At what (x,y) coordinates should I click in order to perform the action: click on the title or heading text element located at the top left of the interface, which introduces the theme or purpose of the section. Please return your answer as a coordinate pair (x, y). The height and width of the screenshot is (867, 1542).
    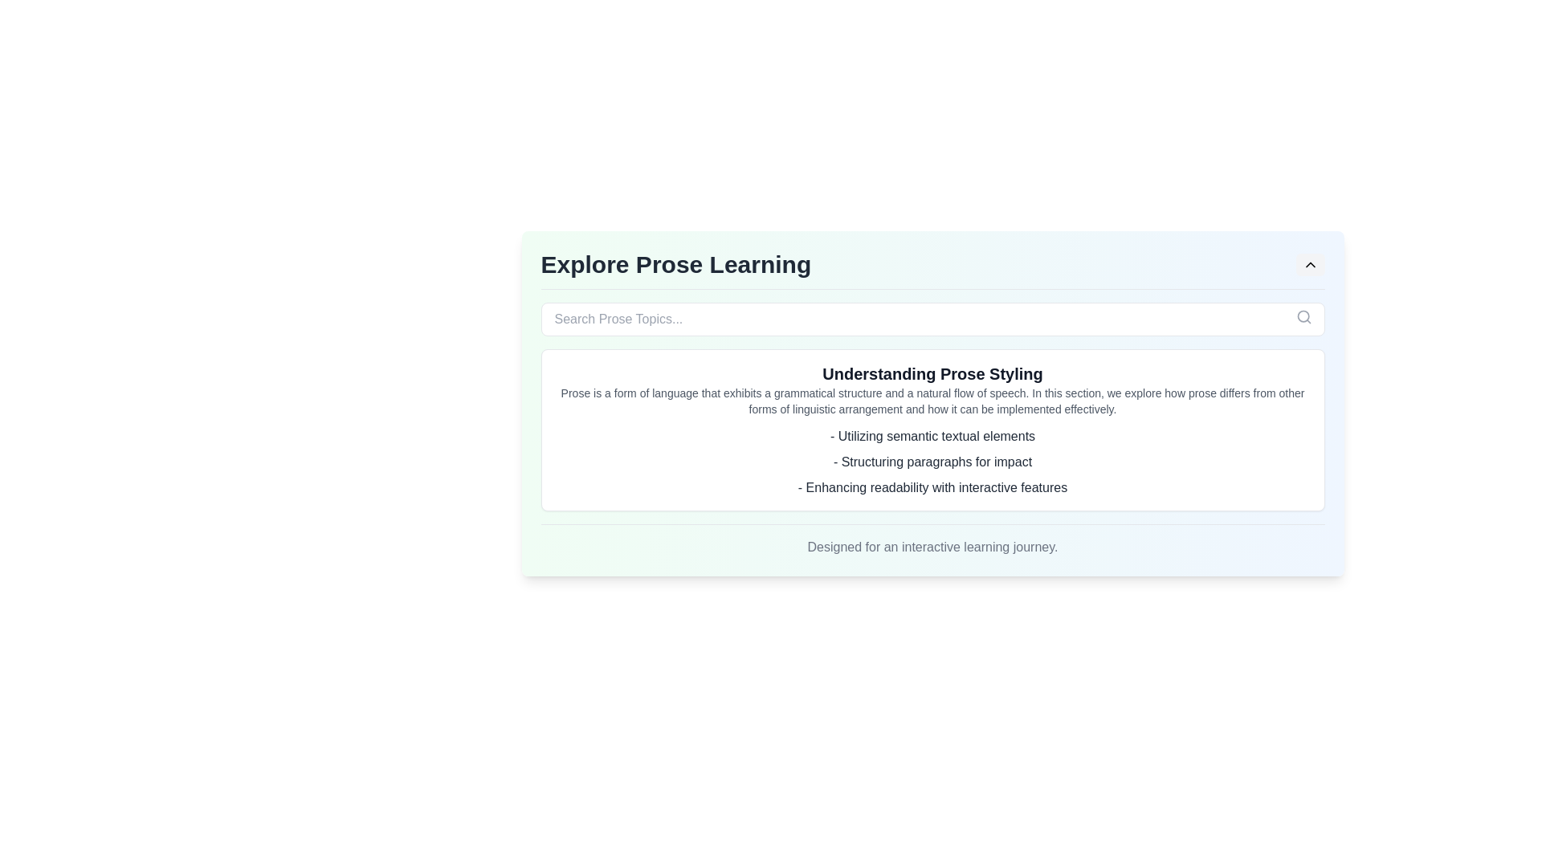
    Looking at the image, I should click on (675, 264).